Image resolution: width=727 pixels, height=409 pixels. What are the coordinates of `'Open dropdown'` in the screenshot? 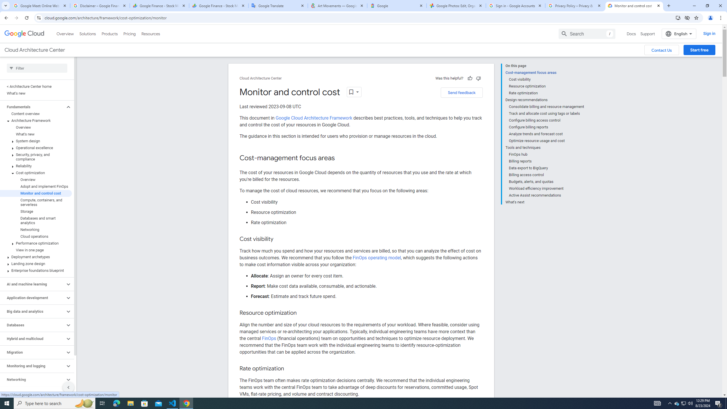 It's located at (354, 92).